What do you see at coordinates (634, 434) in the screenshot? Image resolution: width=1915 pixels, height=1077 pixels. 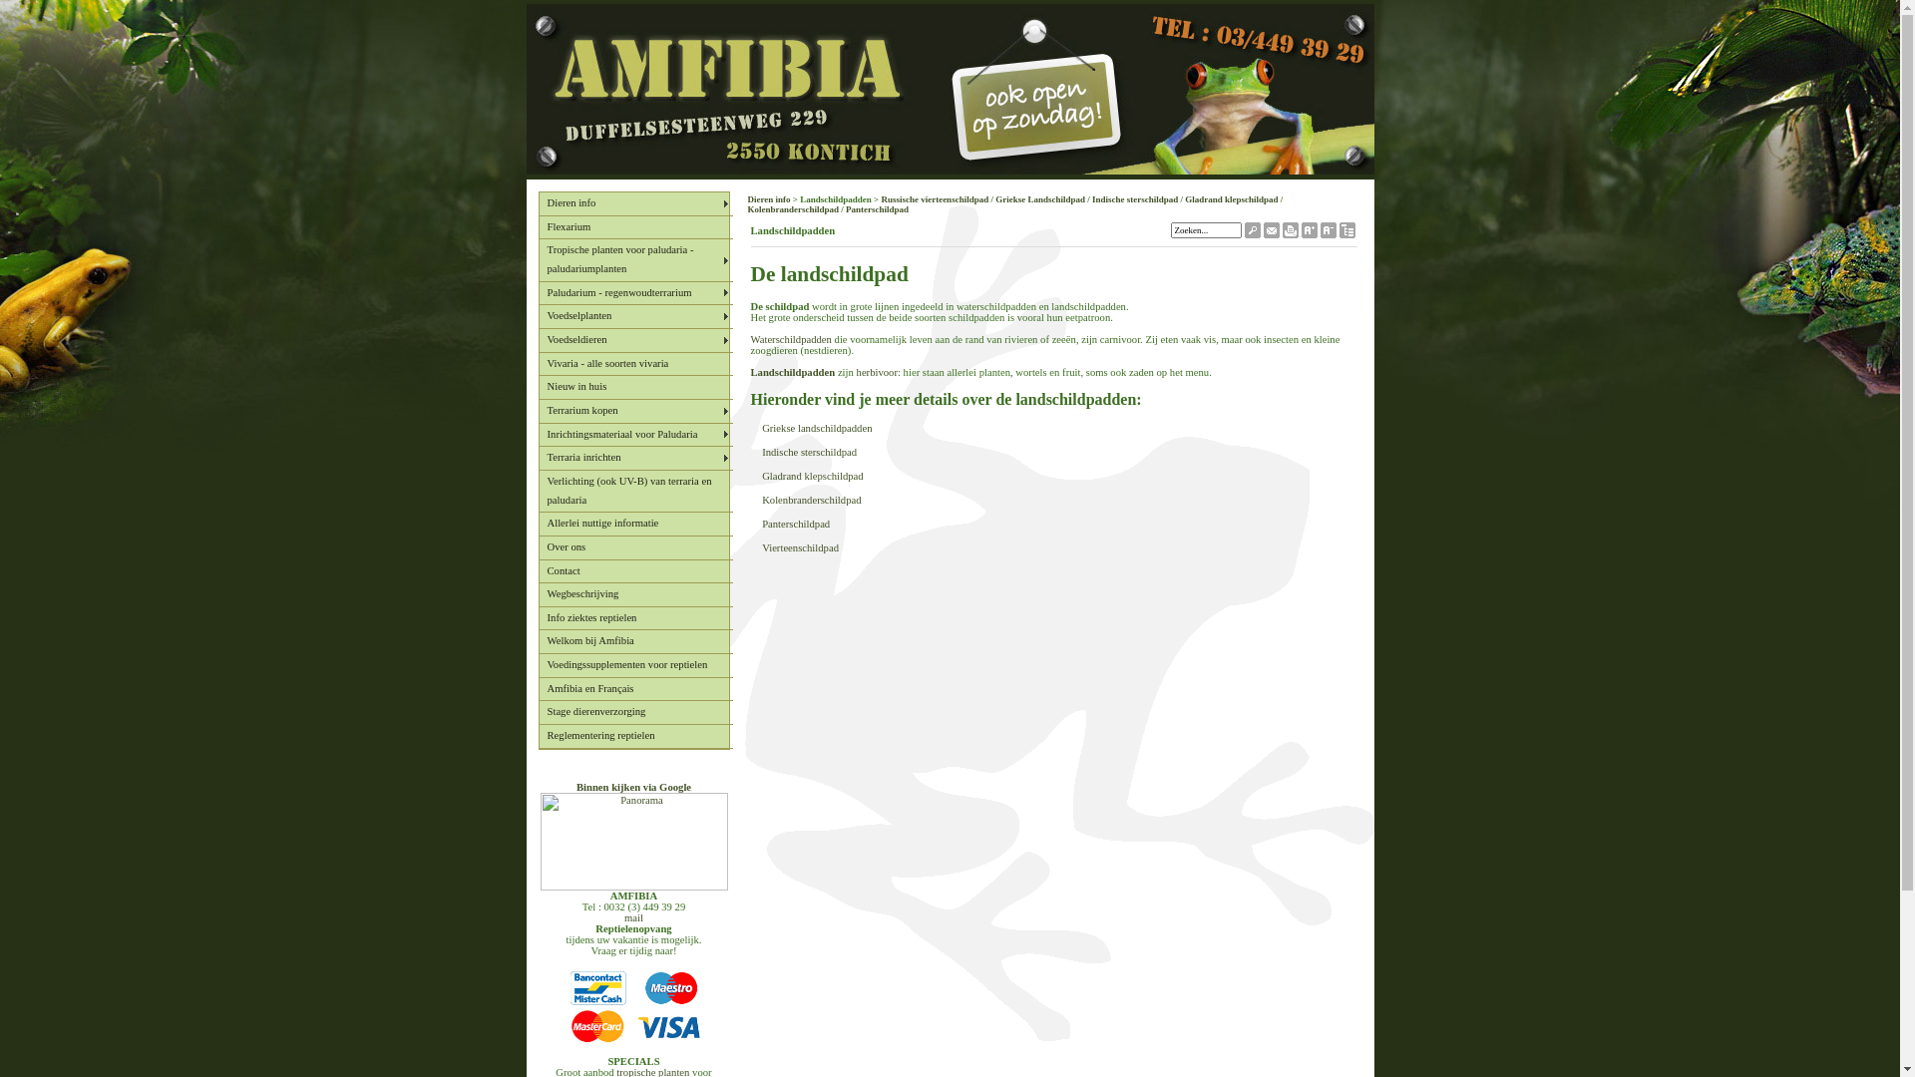 I see `'Inrichtingsmateriaal voor Paludaria'` at bounding box center [634, 434].